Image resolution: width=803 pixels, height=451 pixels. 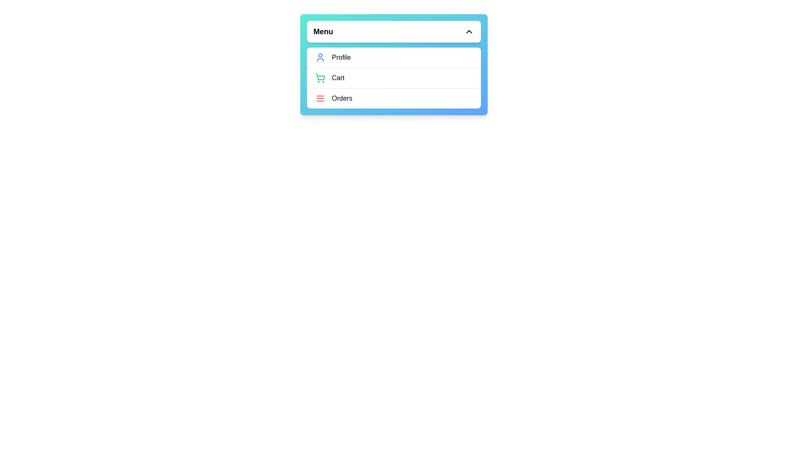 I want to click on the menu toggle button to toggle the menu visibility, so click(x=393, y=31).